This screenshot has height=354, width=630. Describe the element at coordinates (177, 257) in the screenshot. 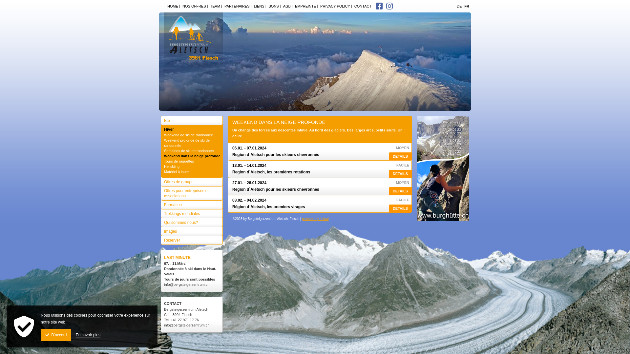

I see `'LAST MINUTE'` at that location.